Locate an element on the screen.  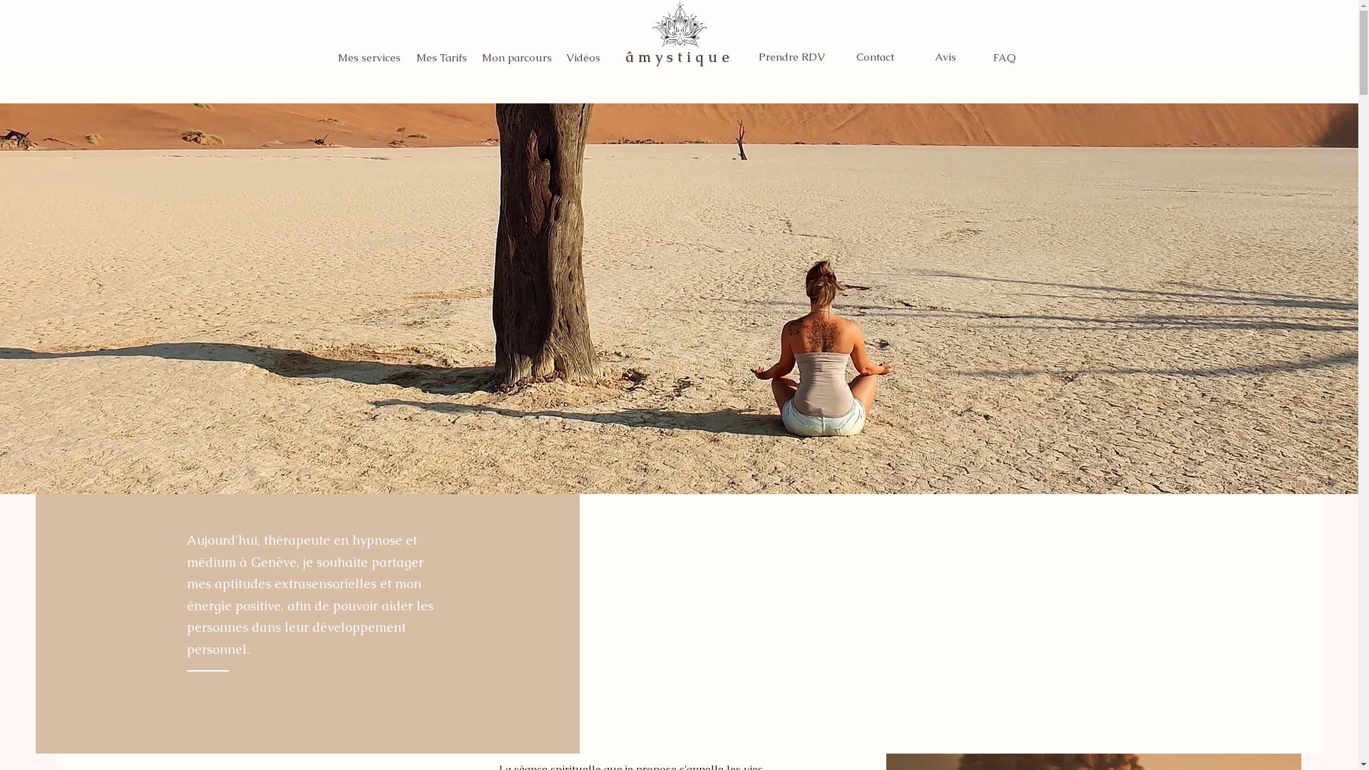
'Avis' is located at coordinates (945, 56).